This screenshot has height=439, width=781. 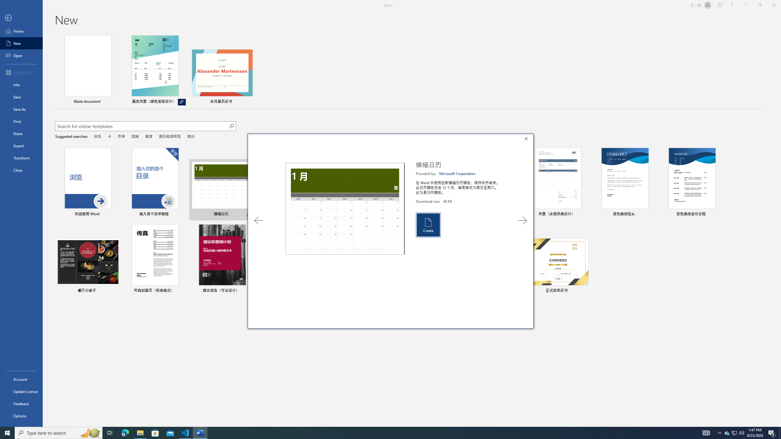 I want to click on 'New', so click(x=21, y=43).